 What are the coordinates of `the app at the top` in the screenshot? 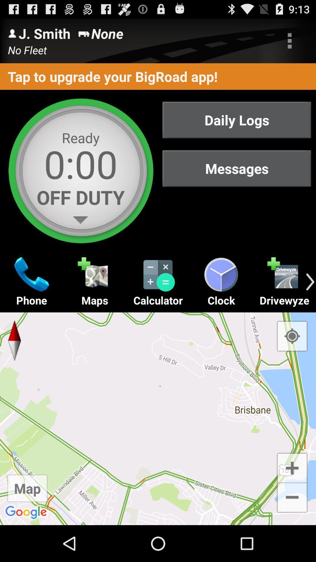 It's located at (158, 76).